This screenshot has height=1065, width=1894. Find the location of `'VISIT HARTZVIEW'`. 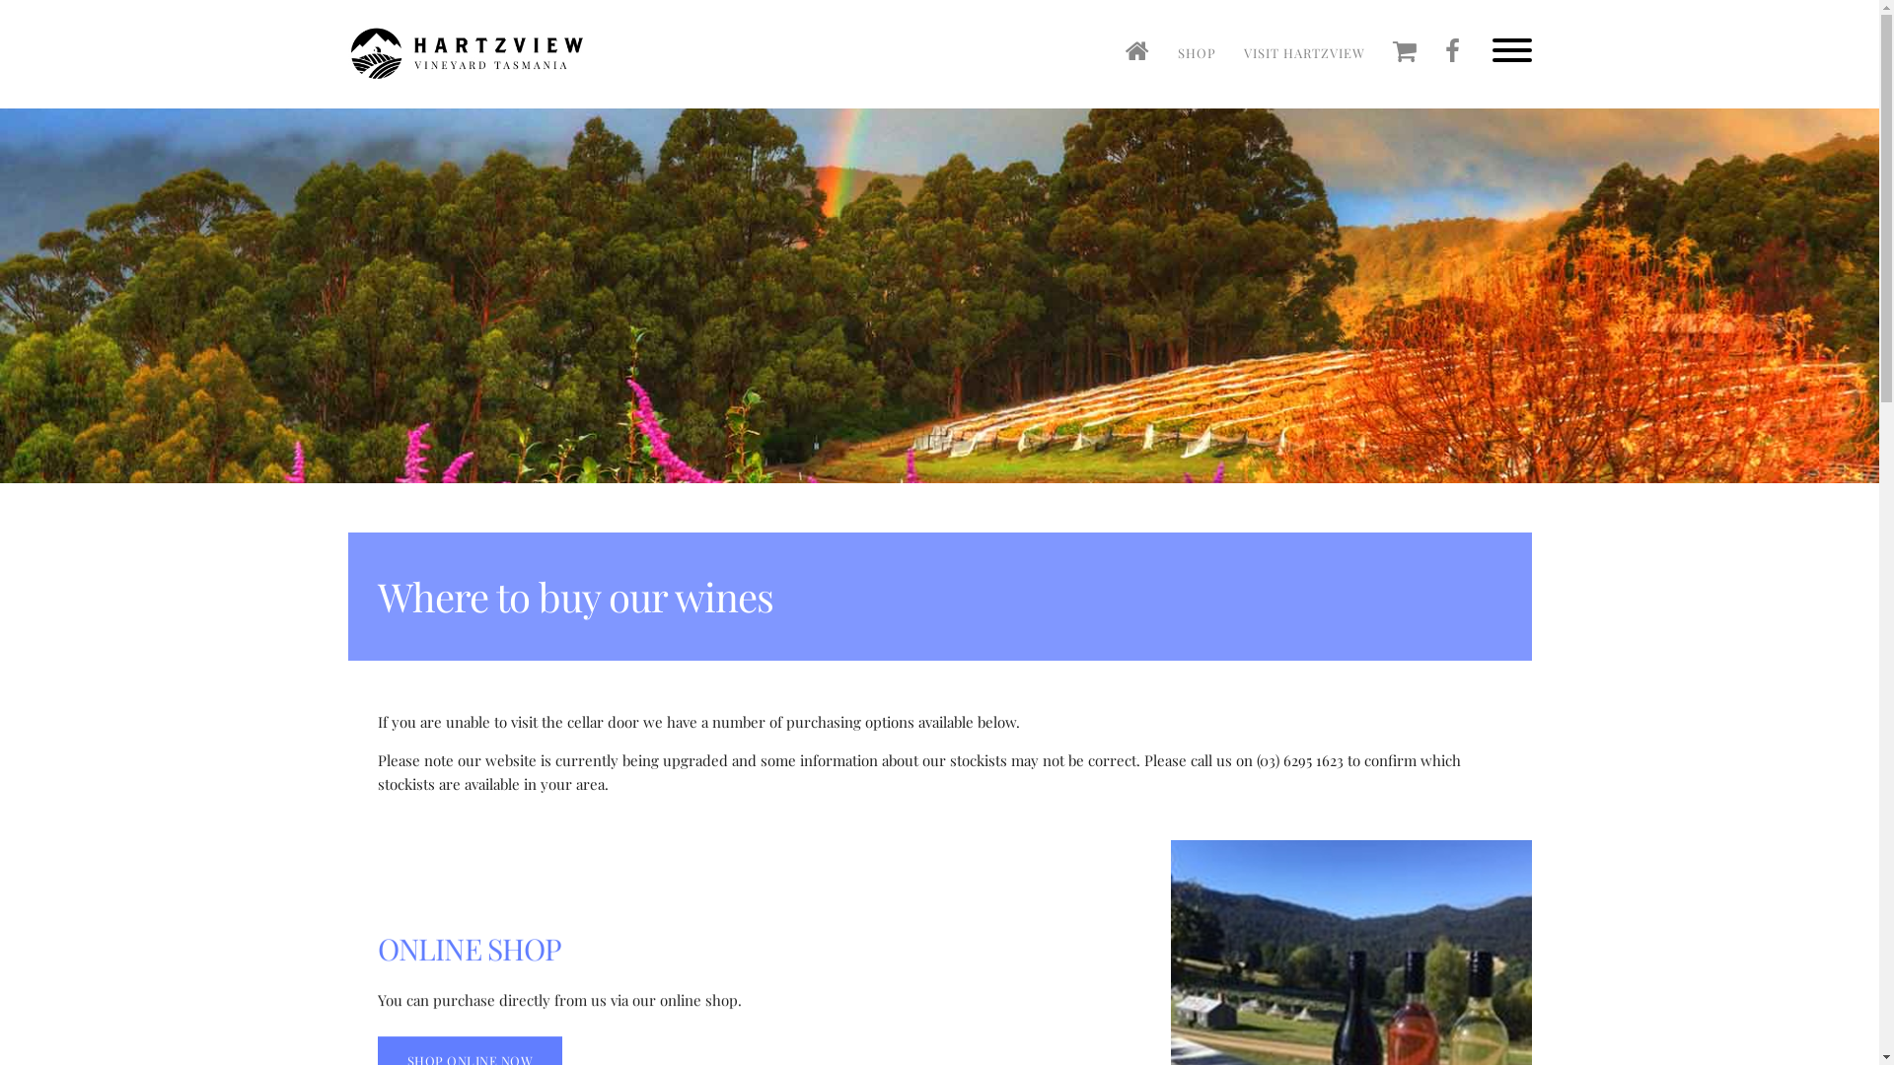

'VISIT HARTZVIEW' is located at coordinates (1230, 51).